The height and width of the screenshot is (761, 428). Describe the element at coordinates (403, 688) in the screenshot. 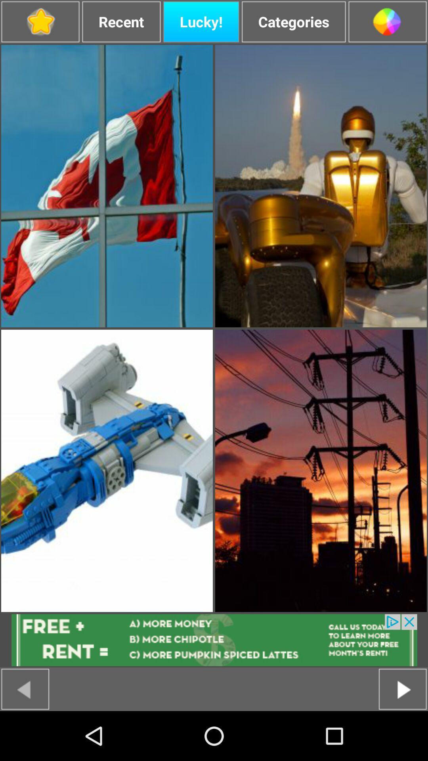

I see `the forward play button` at that location.